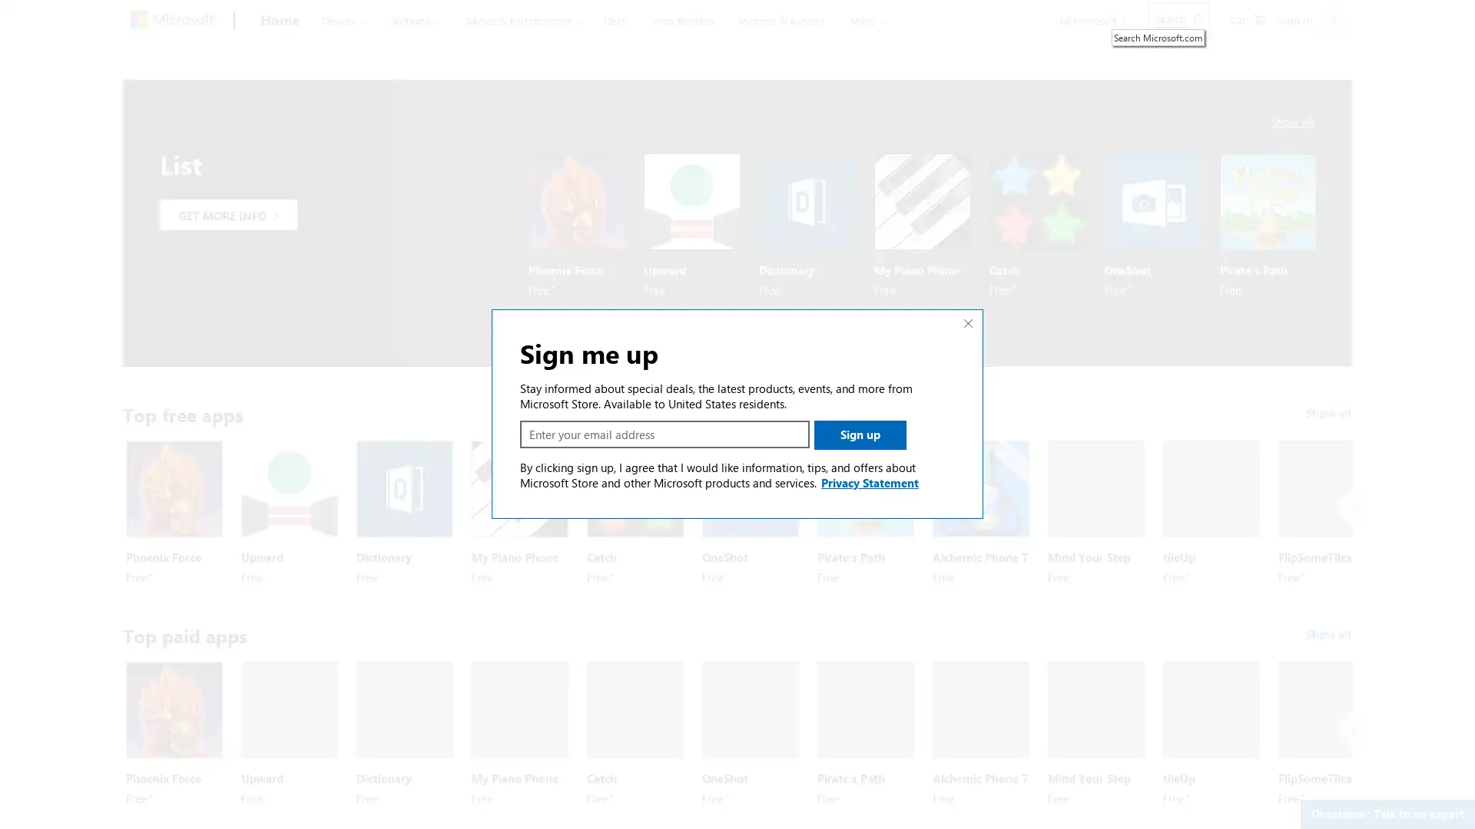  Describe the element at coordinates (859, 435) in the screenshot. I see `Sign up` at that location.